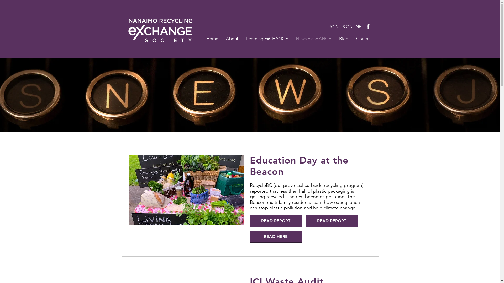 The image size is (504, 283). What do you see at coordinates (364, 38) in the screenshot?
I see `'Contact'` at bounding box center [364, 38].